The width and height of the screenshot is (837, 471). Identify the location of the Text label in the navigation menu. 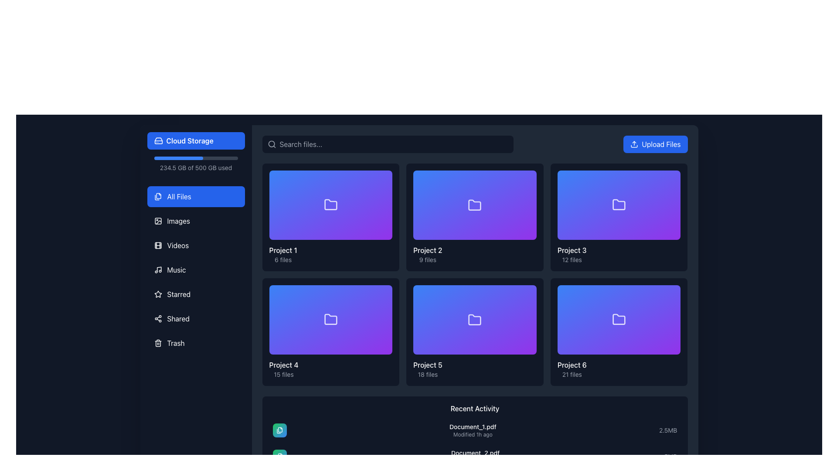
(175, 342).